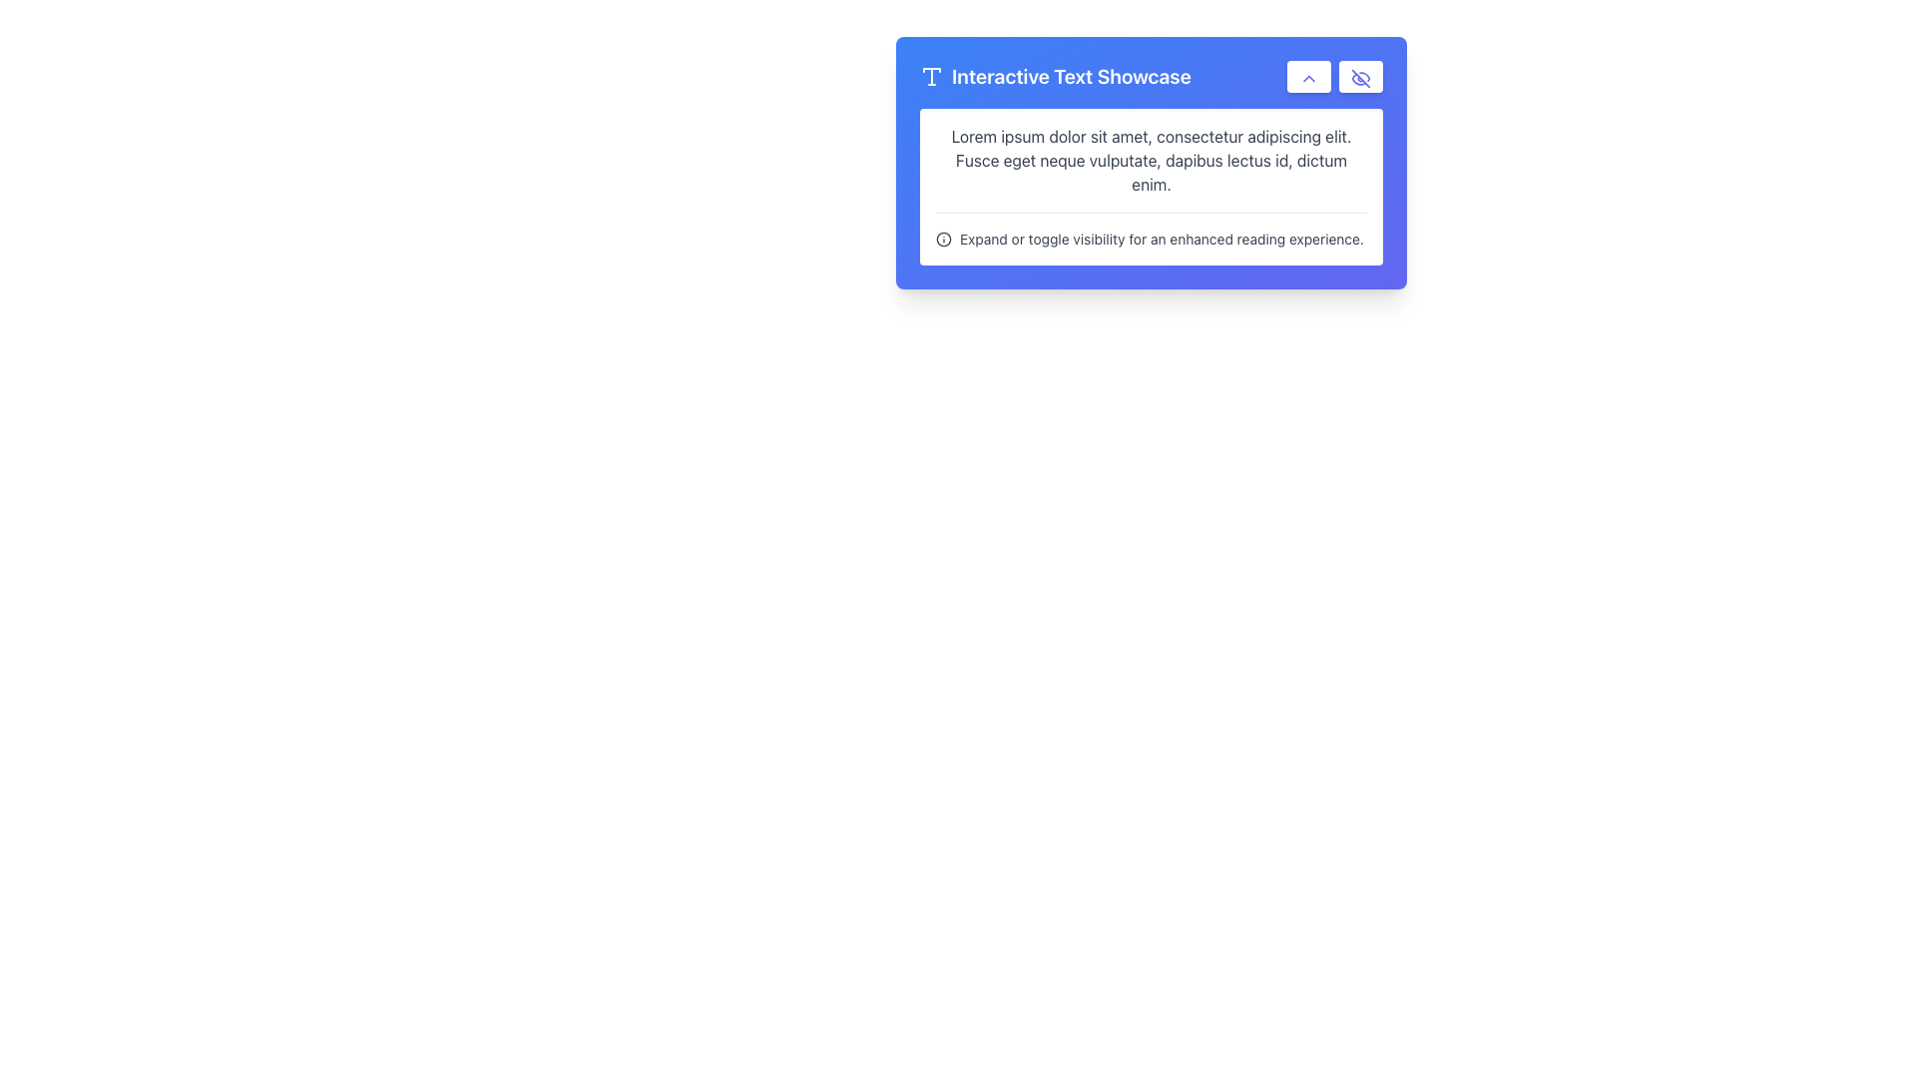  Describe the element at coordinates (931, 69) in the screenshot. I see `the horizontal line segment of the SVG component that is part of the 'T'-shaped graphic, located near the top left of the interface, adjacent to 'Interactive Text Showcase'` at that location.